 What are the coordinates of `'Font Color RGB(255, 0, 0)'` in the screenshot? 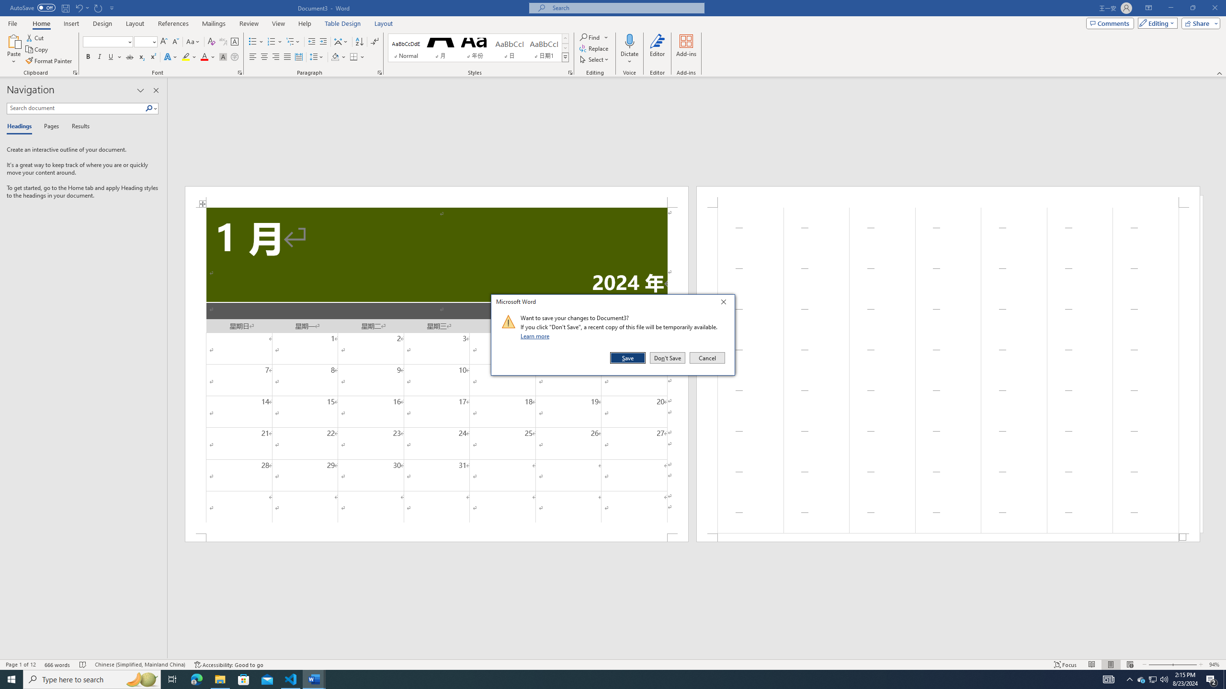 It's located at (204, 56).